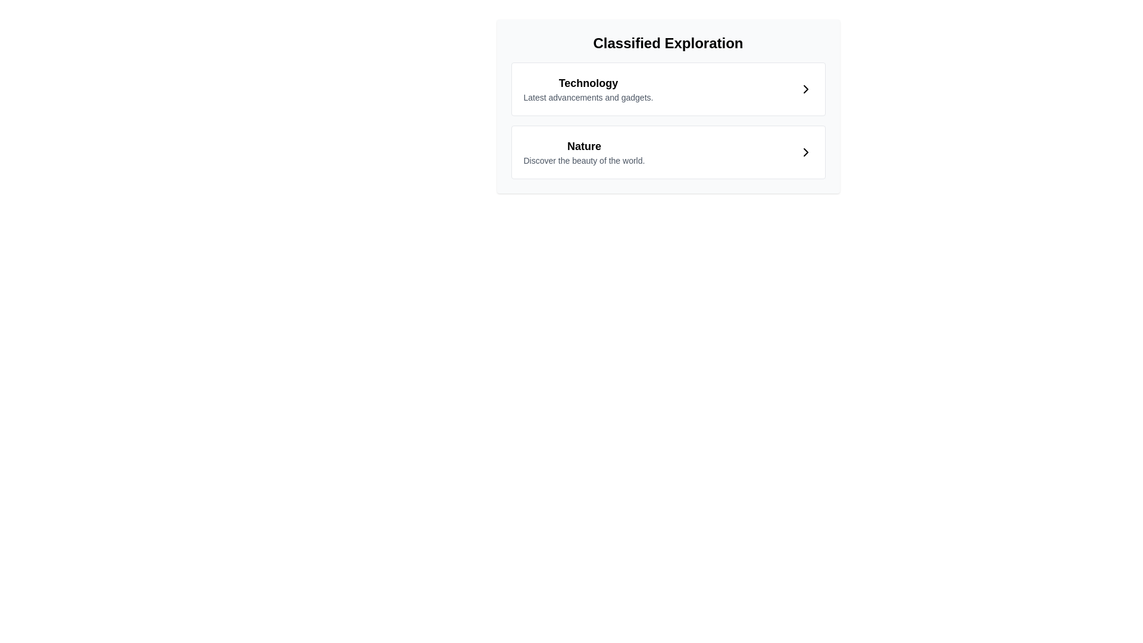 The image size is (1143, 643). What do you see at coordinates (584, 161) in the screenshot?
I see `the descriptive text label that contains the text 'Discover the beauty of the world.' styled in a small gray font, positioned below the title 'Nature' within the 'Classified Exploration' section` at bounding box center [584, 161].